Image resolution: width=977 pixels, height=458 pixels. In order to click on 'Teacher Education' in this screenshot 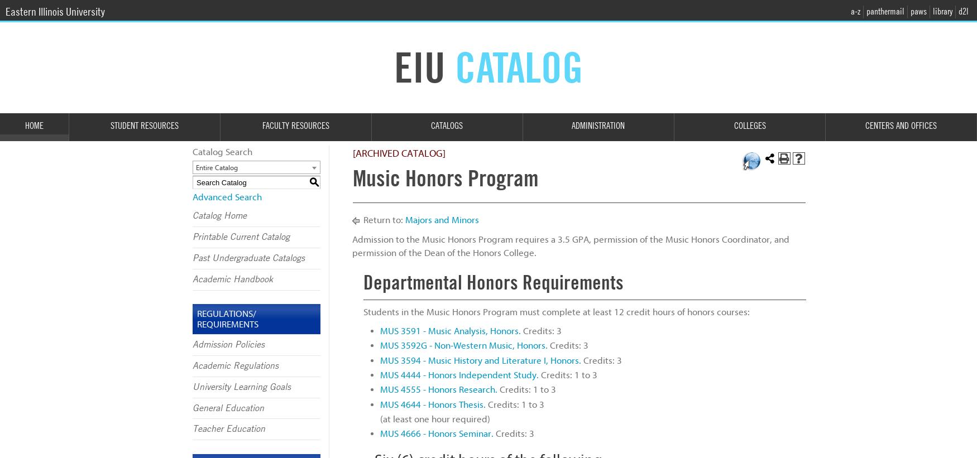, I will do `click(228, 428)`.